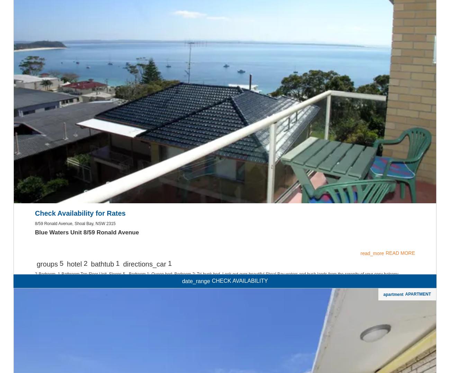 Image resolution: width=450 pixels, height=373 pixels. I want to click on '2', so click(85, 352).